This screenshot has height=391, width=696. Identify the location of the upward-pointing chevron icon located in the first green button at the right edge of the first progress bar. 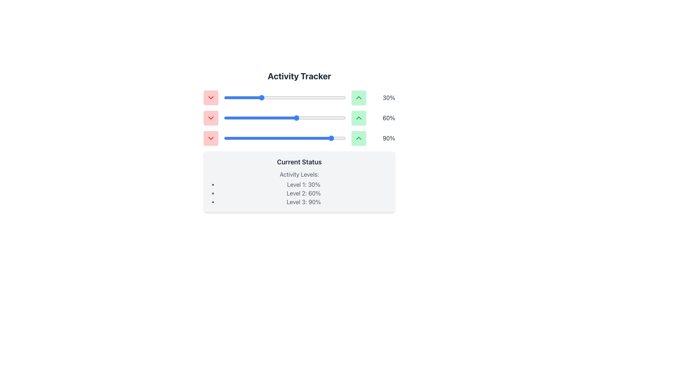
(359, 98).